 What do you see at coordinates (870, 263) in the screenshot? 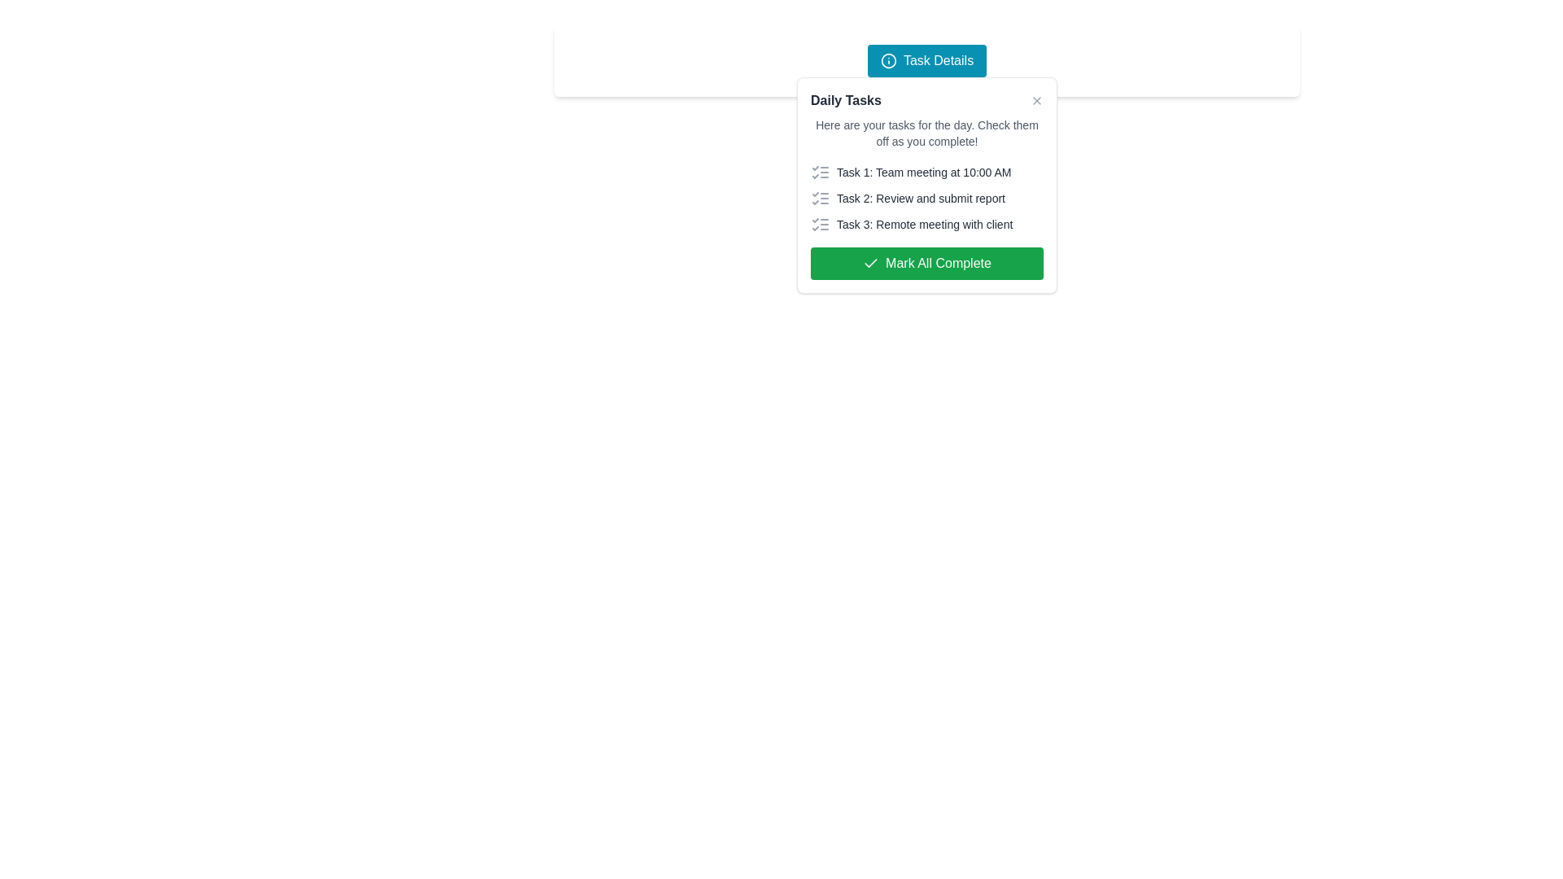
I see `the checkmark icon located inside the green 'Mark All Complete' button, which visually indicates the completion aspect of the button` at bounding box center [870, 263].